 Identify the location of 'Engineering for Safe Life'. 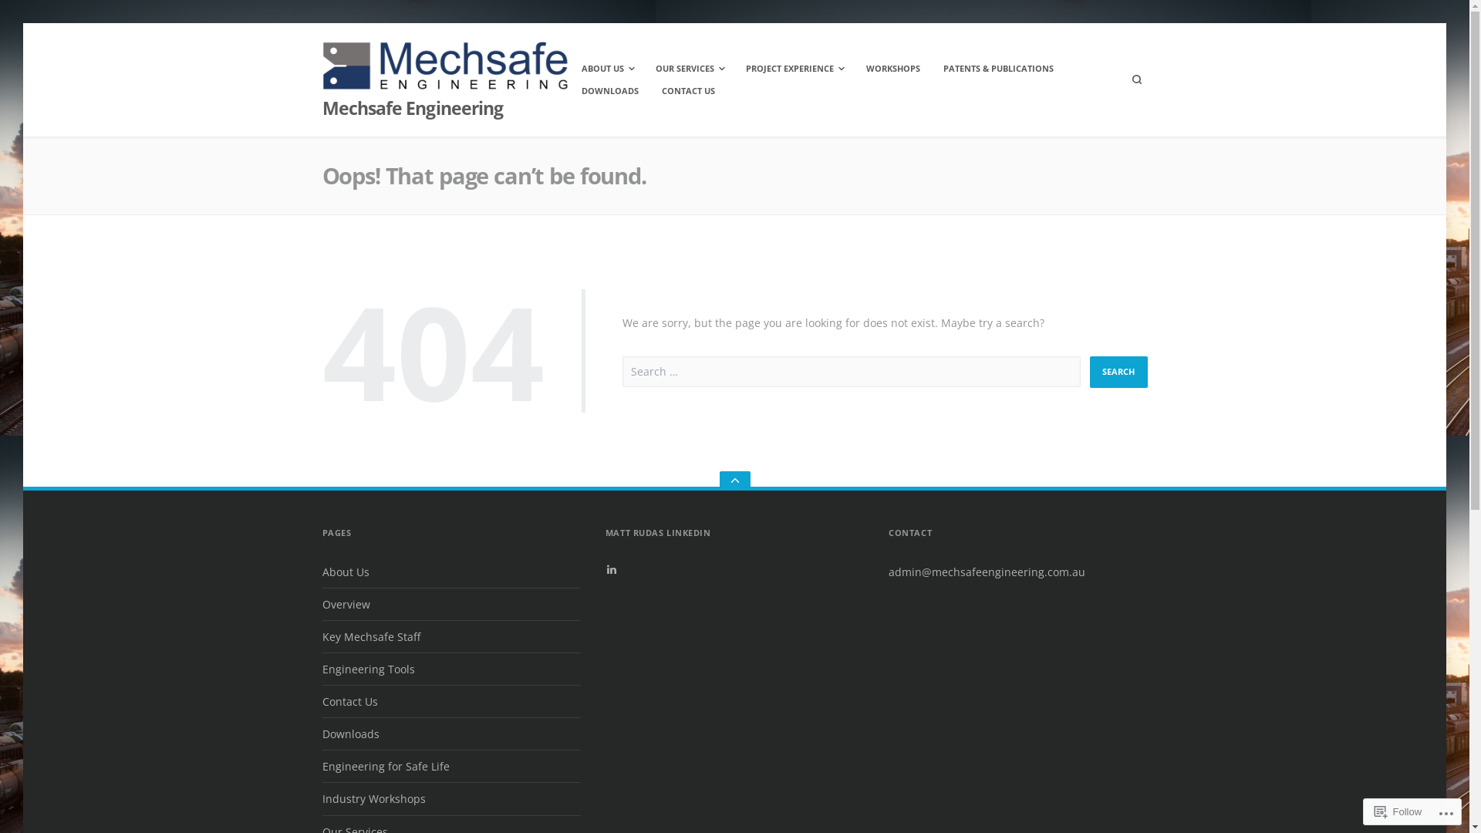
(386, 766).